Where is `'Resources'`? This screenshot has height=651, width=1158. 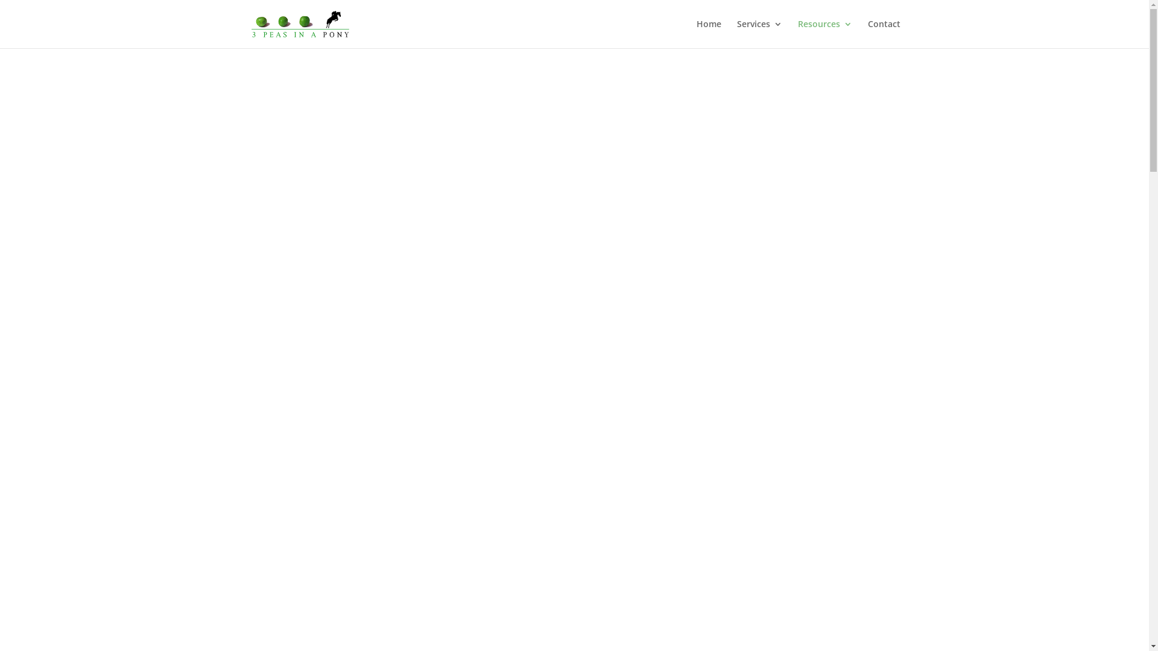 'Resources' is located at coordinates (824, 33).